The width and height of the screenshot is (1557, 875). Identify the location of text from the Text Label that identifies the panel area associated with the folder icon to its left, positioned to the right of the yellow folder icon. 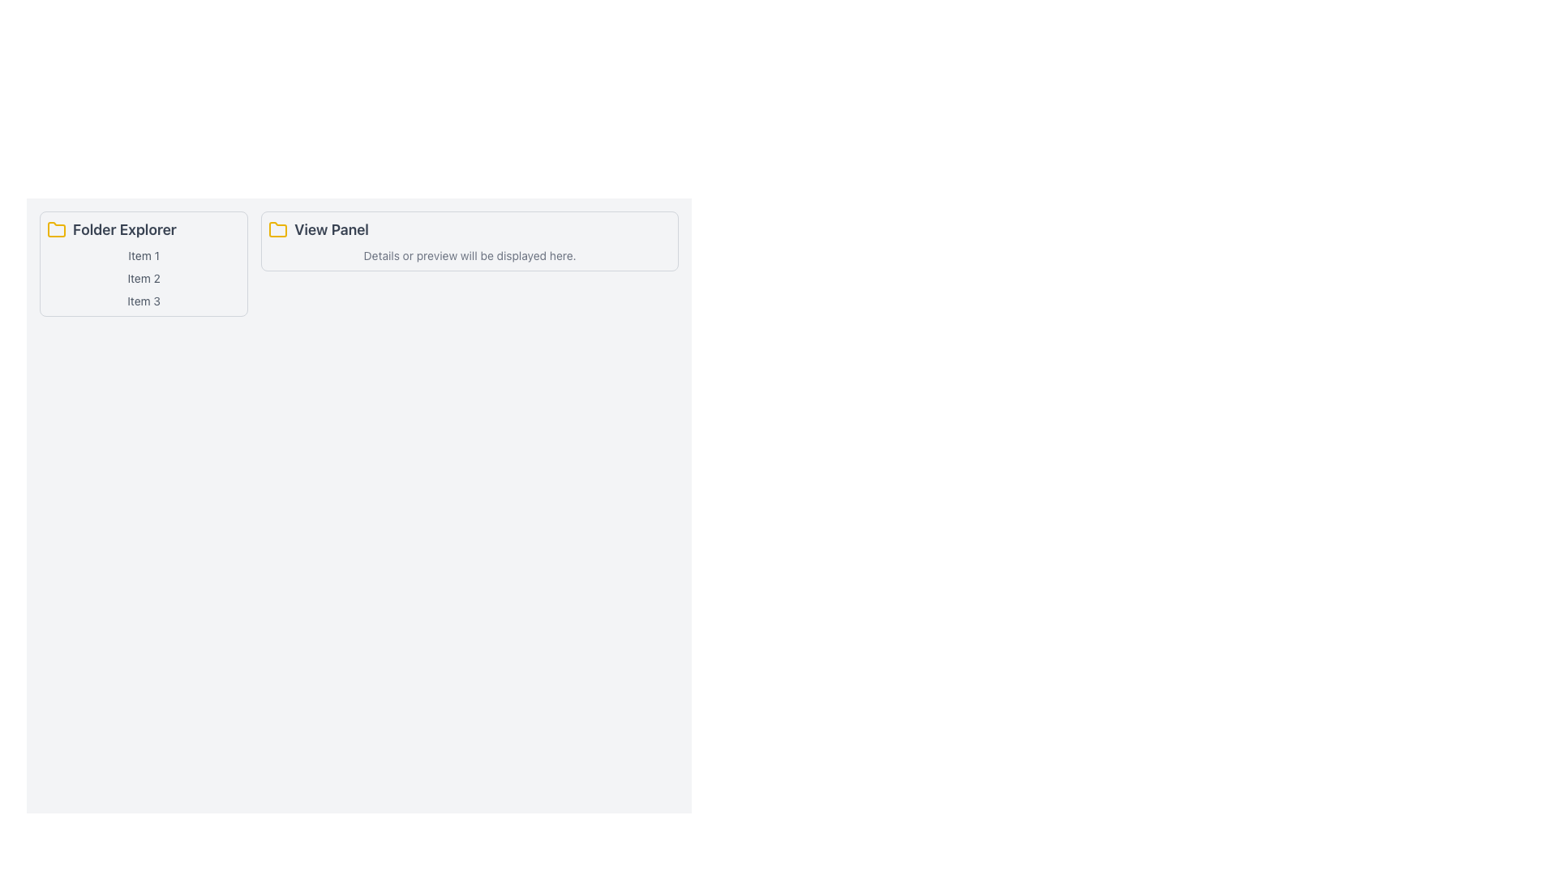
(331, 230).